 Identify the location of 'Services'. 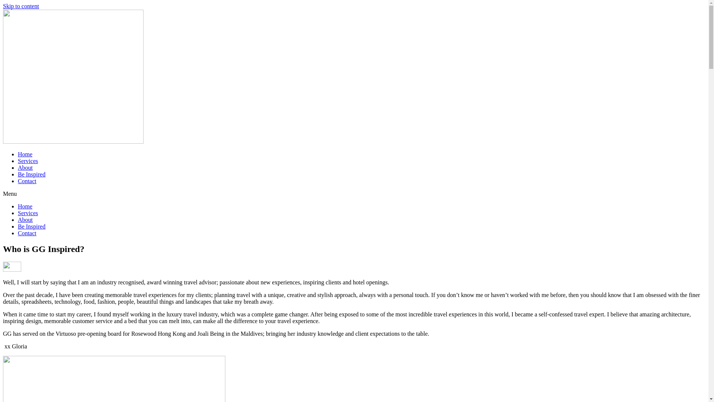
(28, 160).